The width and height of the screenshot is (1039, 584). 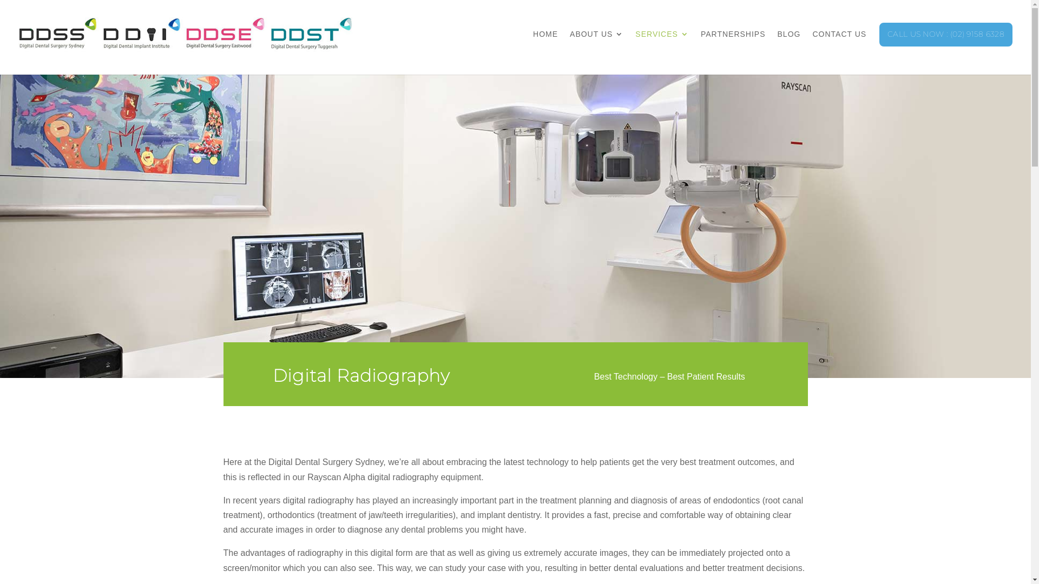 I want to click on 'BLOG', so click(x=789, y=44).